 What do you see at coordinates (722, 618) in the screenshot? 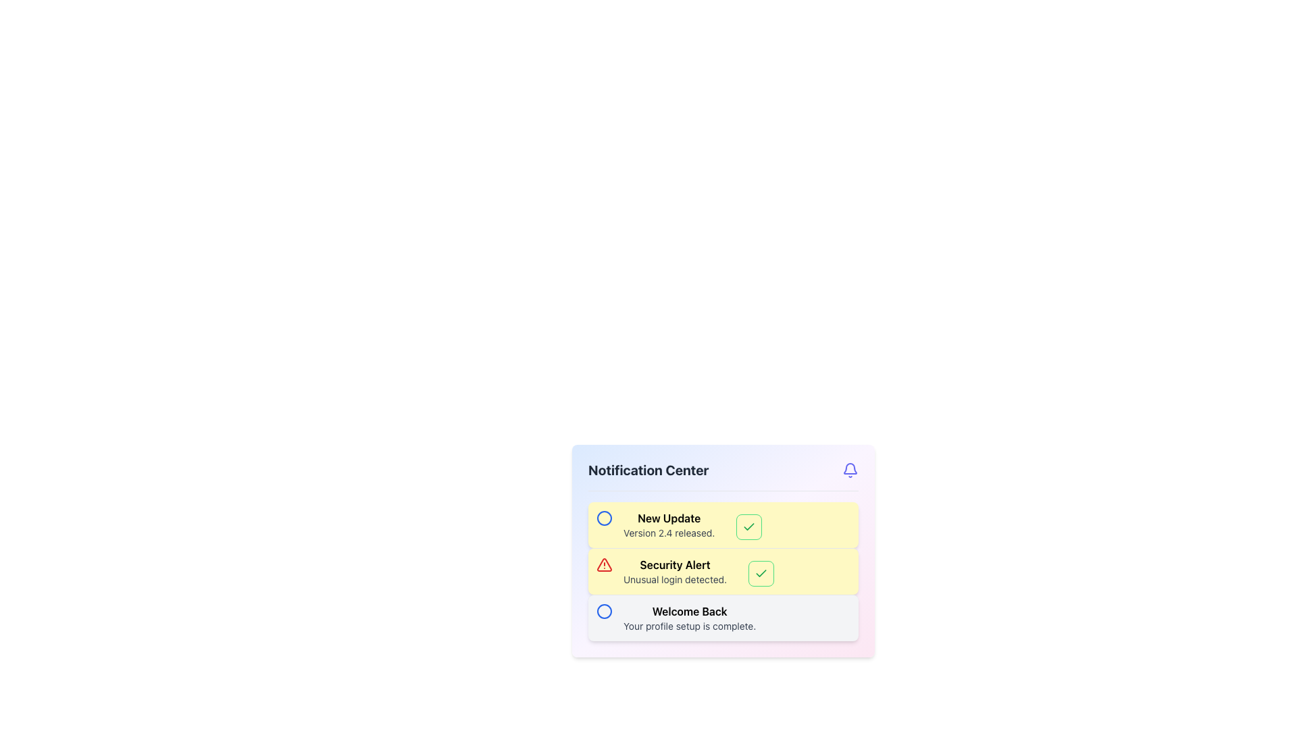
I see `the blue circular icon within the Notification Card that displays 'Welcome Back' to interact with it` at bounding box center [722, 618].